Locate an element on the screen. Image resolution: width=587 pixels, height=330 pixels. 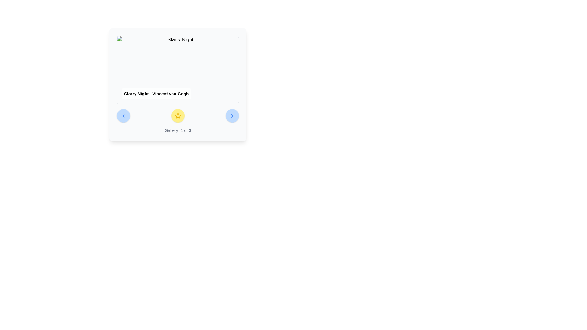
the star-shaped gold-yellow icon located centrally within a circular yellow background beneath the main content panel is located at coordinates (177, 116).